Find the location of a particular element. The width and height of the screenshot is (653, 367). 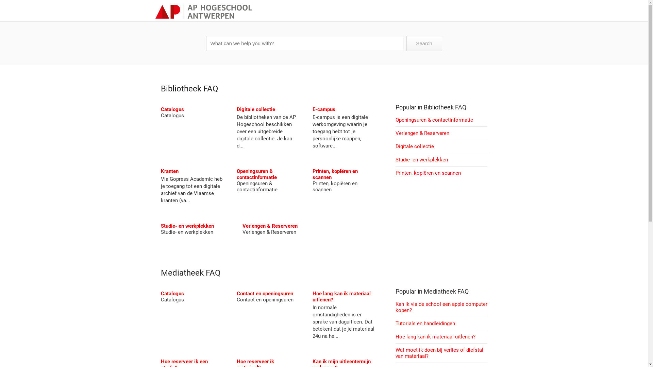

'Kan ik via de school een apple computer kopen?' is located at coordinates (441, 307).